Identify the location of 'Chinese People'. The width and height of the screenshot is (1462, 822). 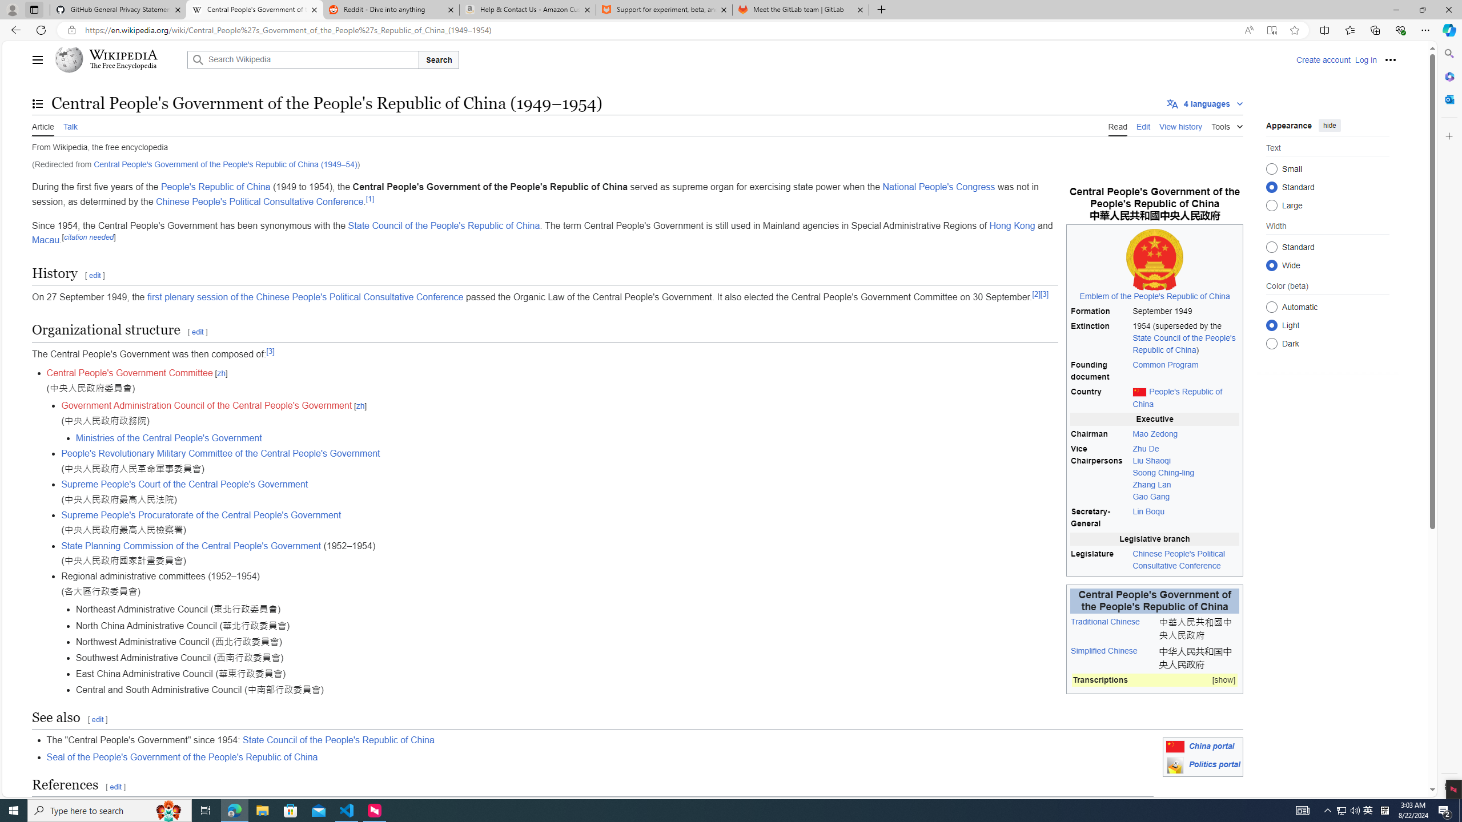
(259, 202).